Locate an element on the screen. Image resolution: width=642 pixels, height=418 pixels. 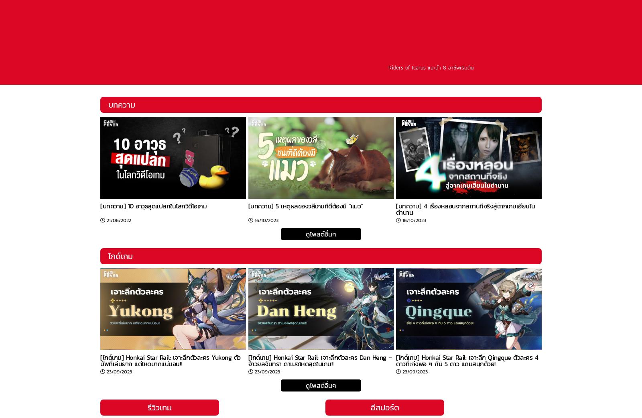
'[บทความ] 10 อาวุธสุดแปลกในโลกวิดีโอเกม' is located at coordinates (153, 206).